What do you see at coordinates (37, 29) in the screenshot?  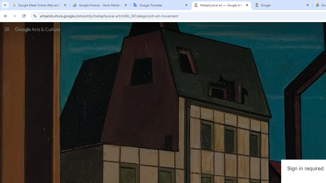 I see `'Google Arts & Culture'` at bounding box center [37, 29].